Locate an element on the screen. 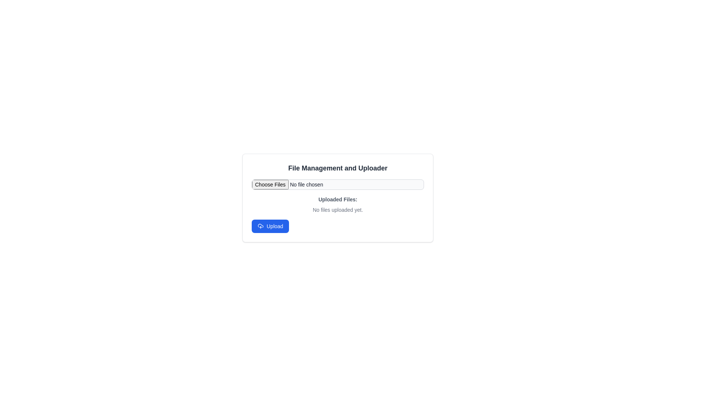 The width and height of the screenshot is (716, 402). the text label displaying 'Uploaded Files:' which is styled in small, bold, gray font and positioned above the text 'No files uploaded yet.' is located at coordinates (337, 199).